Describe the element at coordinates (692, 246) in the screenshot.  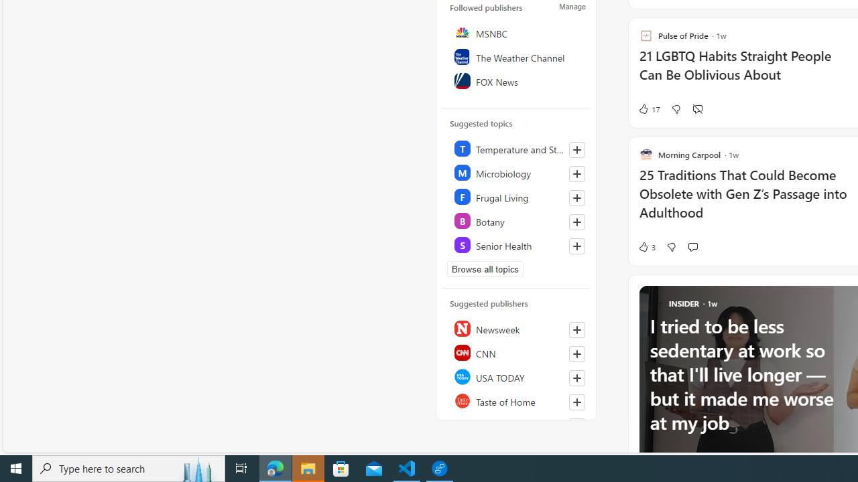
I see `'Start the conversation'` at that location.